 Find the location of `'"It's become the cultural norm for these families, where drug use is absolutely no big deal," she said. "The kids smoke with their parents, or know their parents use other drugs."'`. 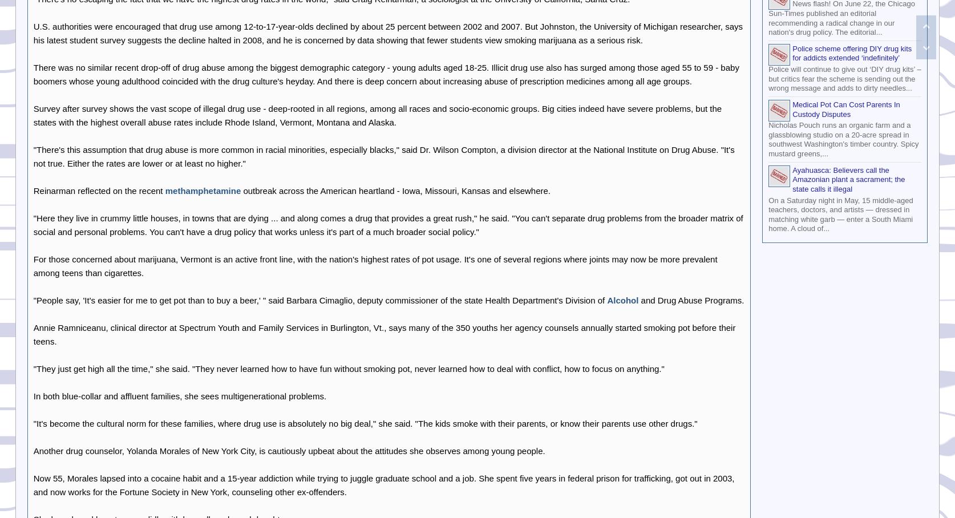

'"It's become the cultural norm for these families, where drug use is absolutely no big deal," she said. "The kids smoke with their parents, or know their parents use other drugs."' is located at coordinates (33, 423).